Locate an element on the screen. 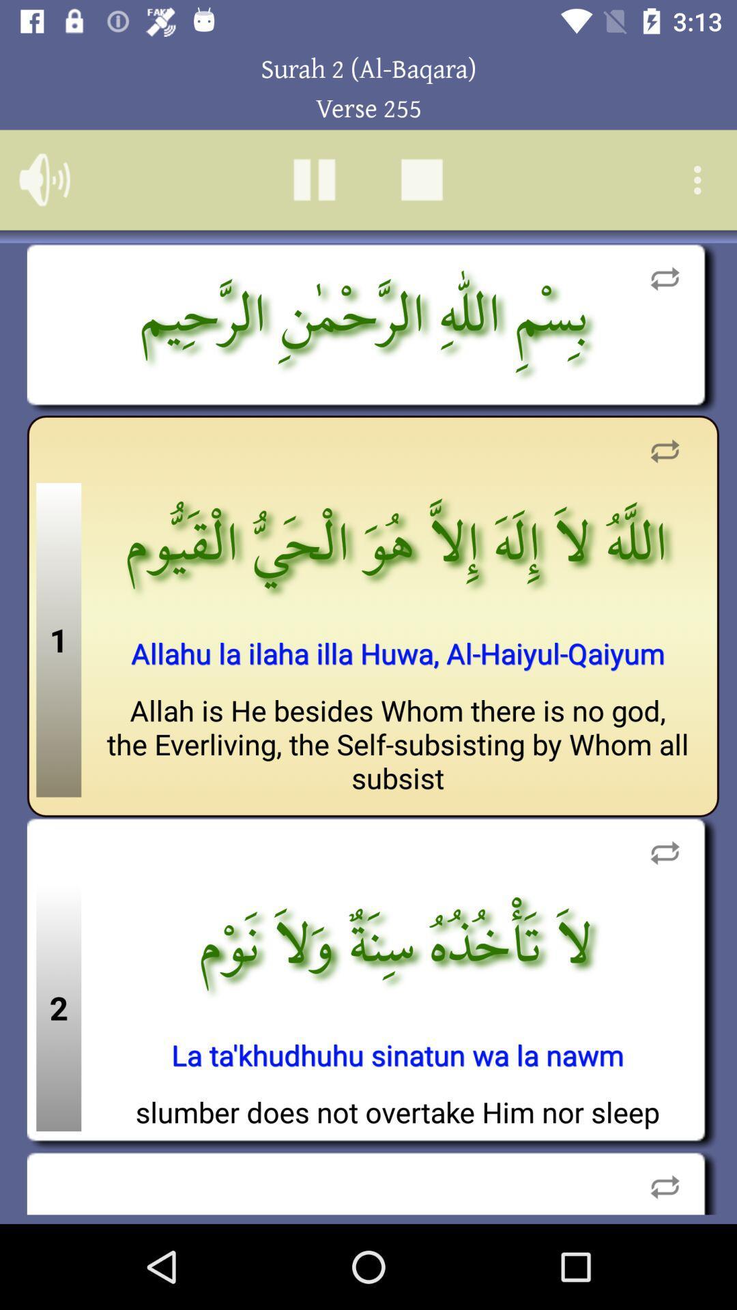 The image size is (737, 1310). icon at the top left corner is located at coordinates (44, 179).